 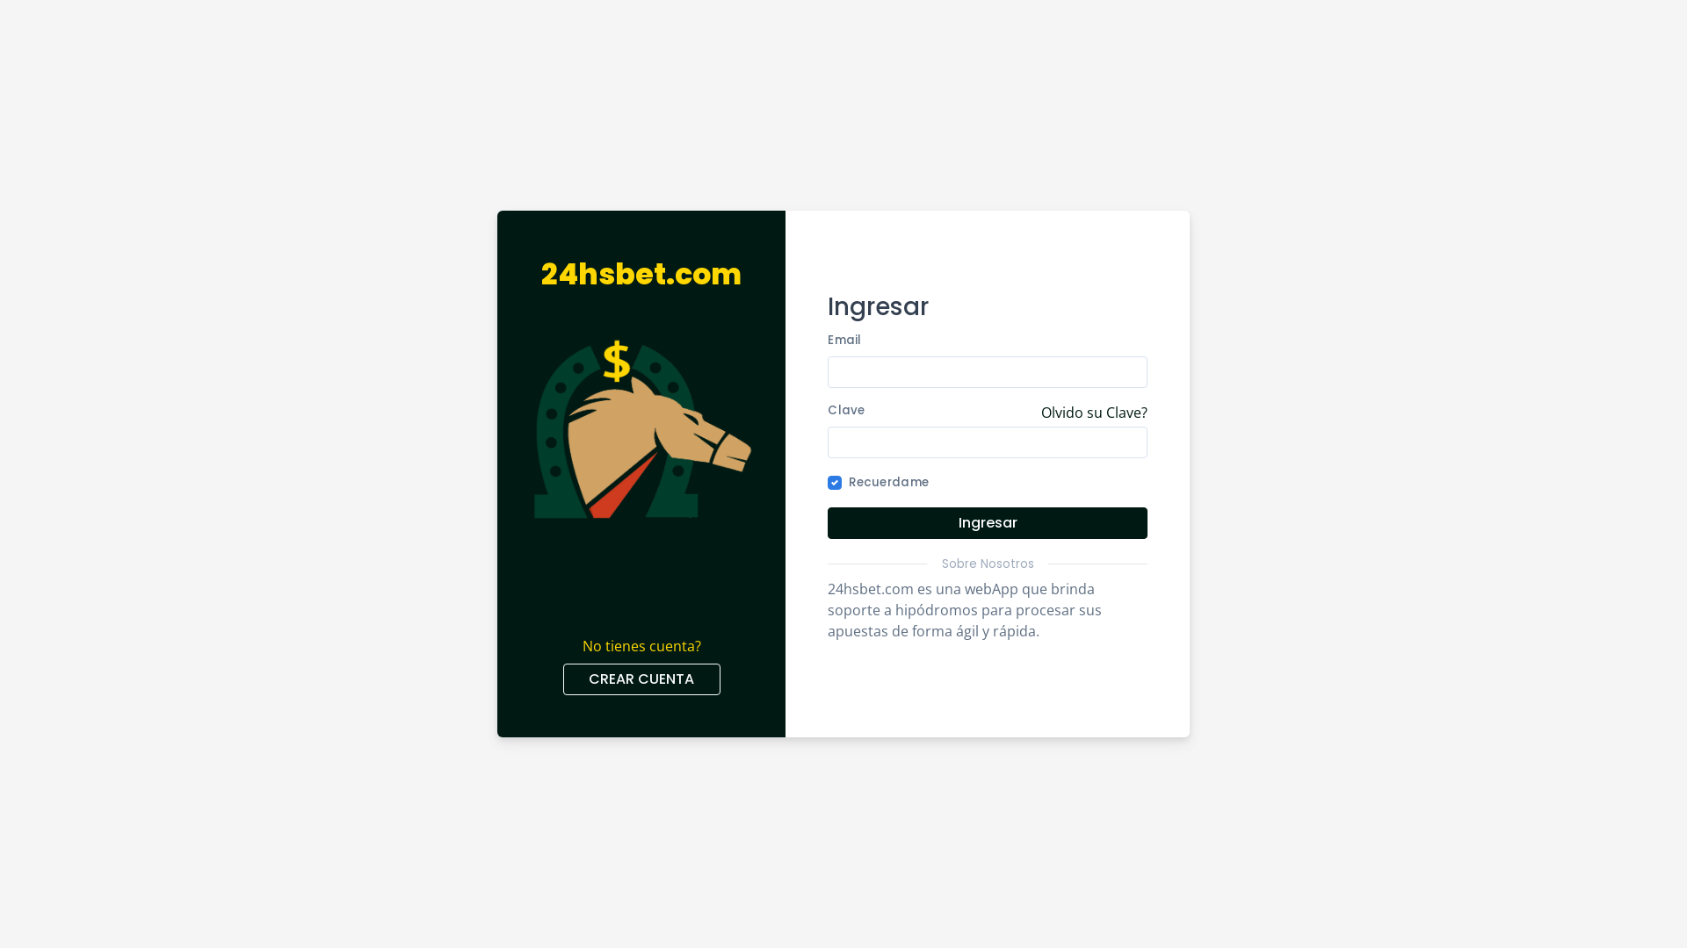 What do you see at coordinates (1093, 413) in the screenshot?
I see `'Olvido su Clave?'` at bounding box center [1093, 413].